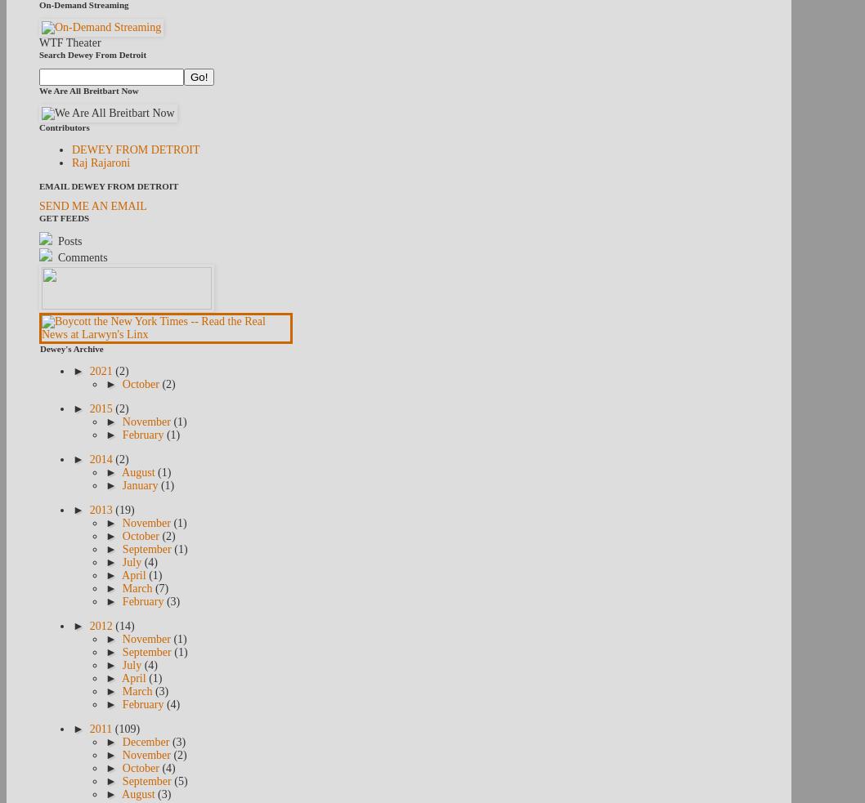 The image size is (865, 803). I want to click on '(109)', so click(126, 729).